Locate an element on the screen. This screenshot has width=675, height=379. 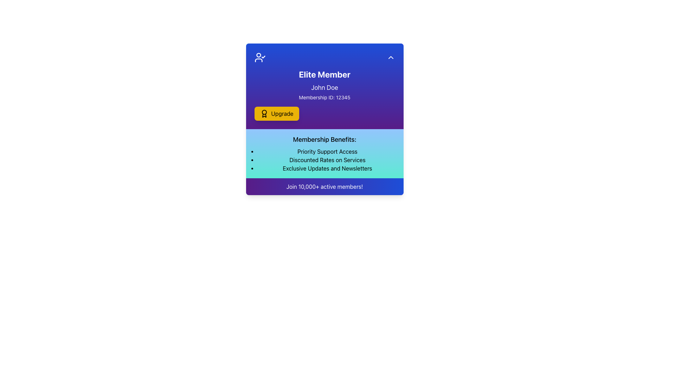
informational text label indicating a membership benefit, which is the second item in the benefits list, centrally aligned in the light blue section of the membership card interface is located at coordinates (327, 160).